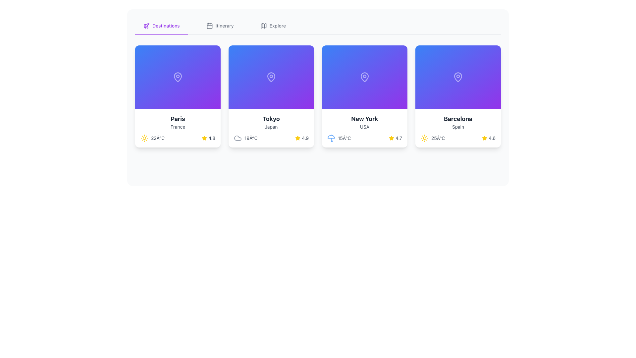 The width and height of the screenshot is (636, 358). I want to click on details of the New York card, which is the third card in a grid layout, located between the Tokyo and Barcelona cards, so click(364, 96).